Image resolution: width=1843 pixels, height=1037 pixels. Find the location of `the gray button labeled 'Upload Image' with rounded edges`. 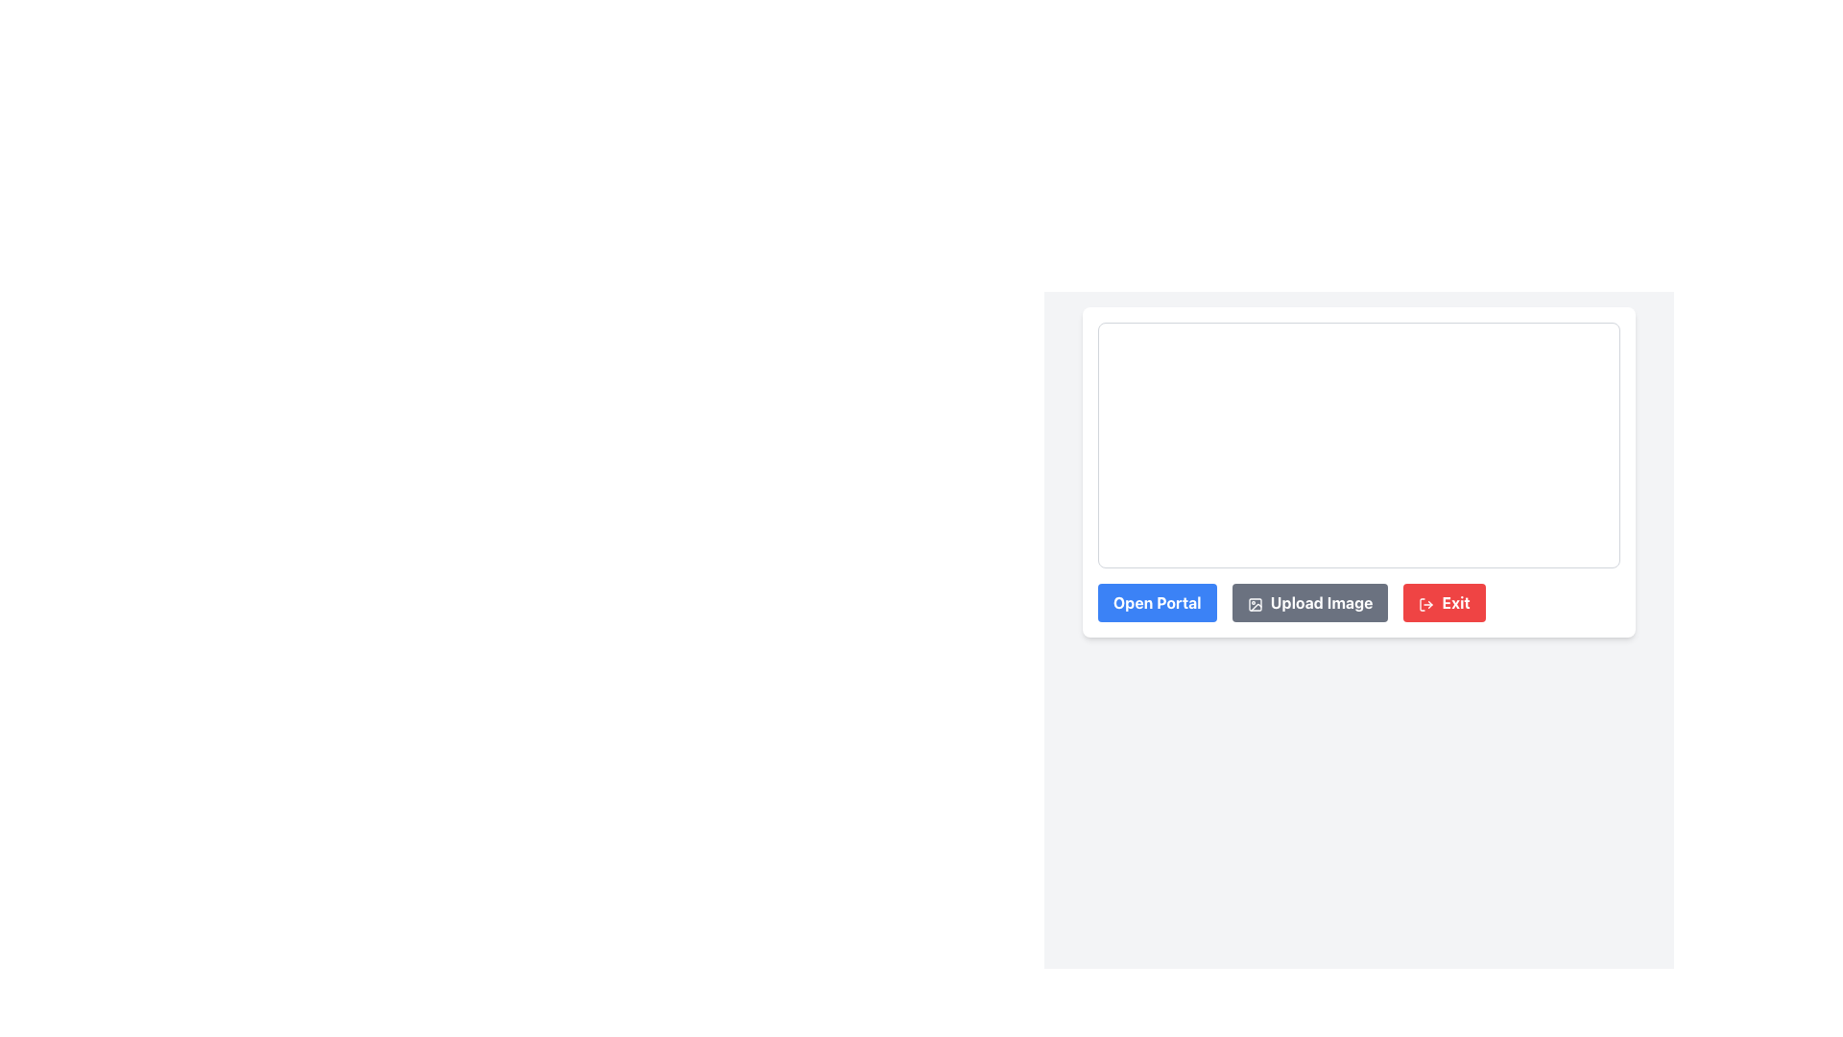

the gray button labeled 'Upload Image' with rounded edges is located at coordinates (1358, 594).